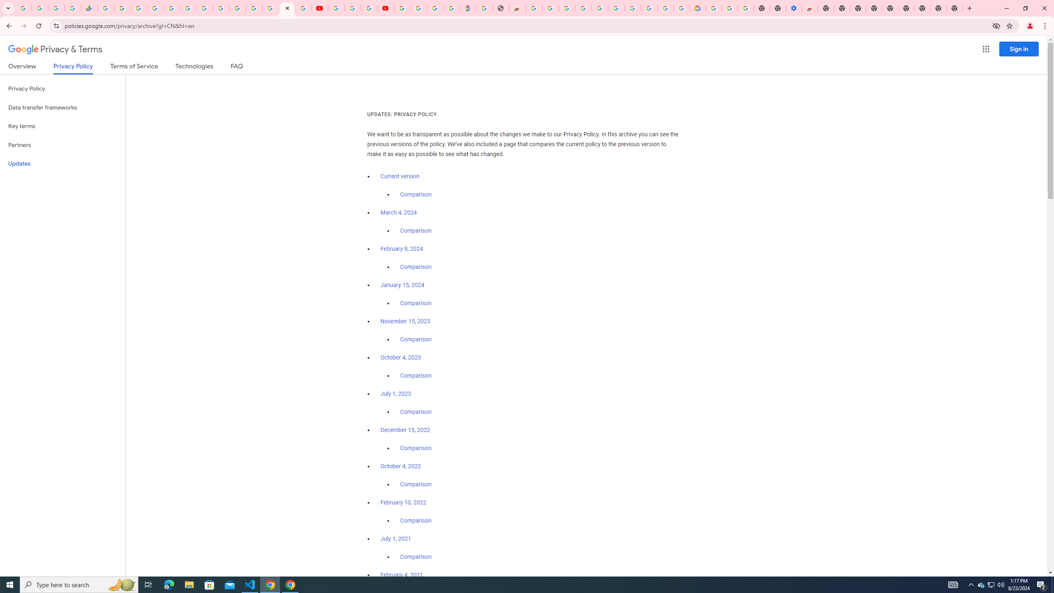  I want to click on 'Content Creator Programs & Opportunities - YouTube Creators', so click(385, 8).